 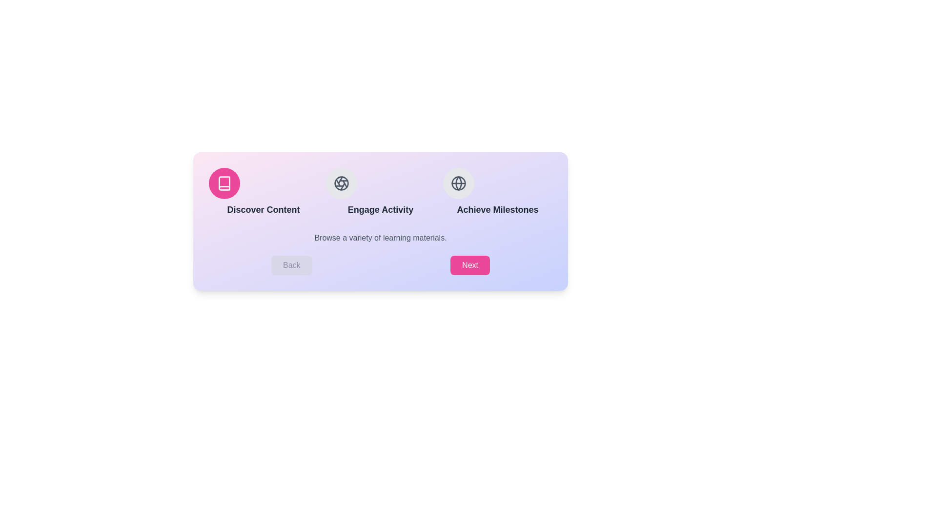 I want to click on 'Next' button to proceed to the next step, so click(x=470, y=265).